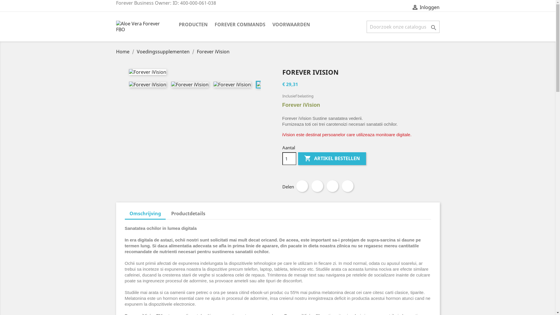 The height and width of the screenshot is (315, 560). Describe the element at coordinates (291, 24) in the screenshot. I see `'VOORWAARDEN'` at that location.